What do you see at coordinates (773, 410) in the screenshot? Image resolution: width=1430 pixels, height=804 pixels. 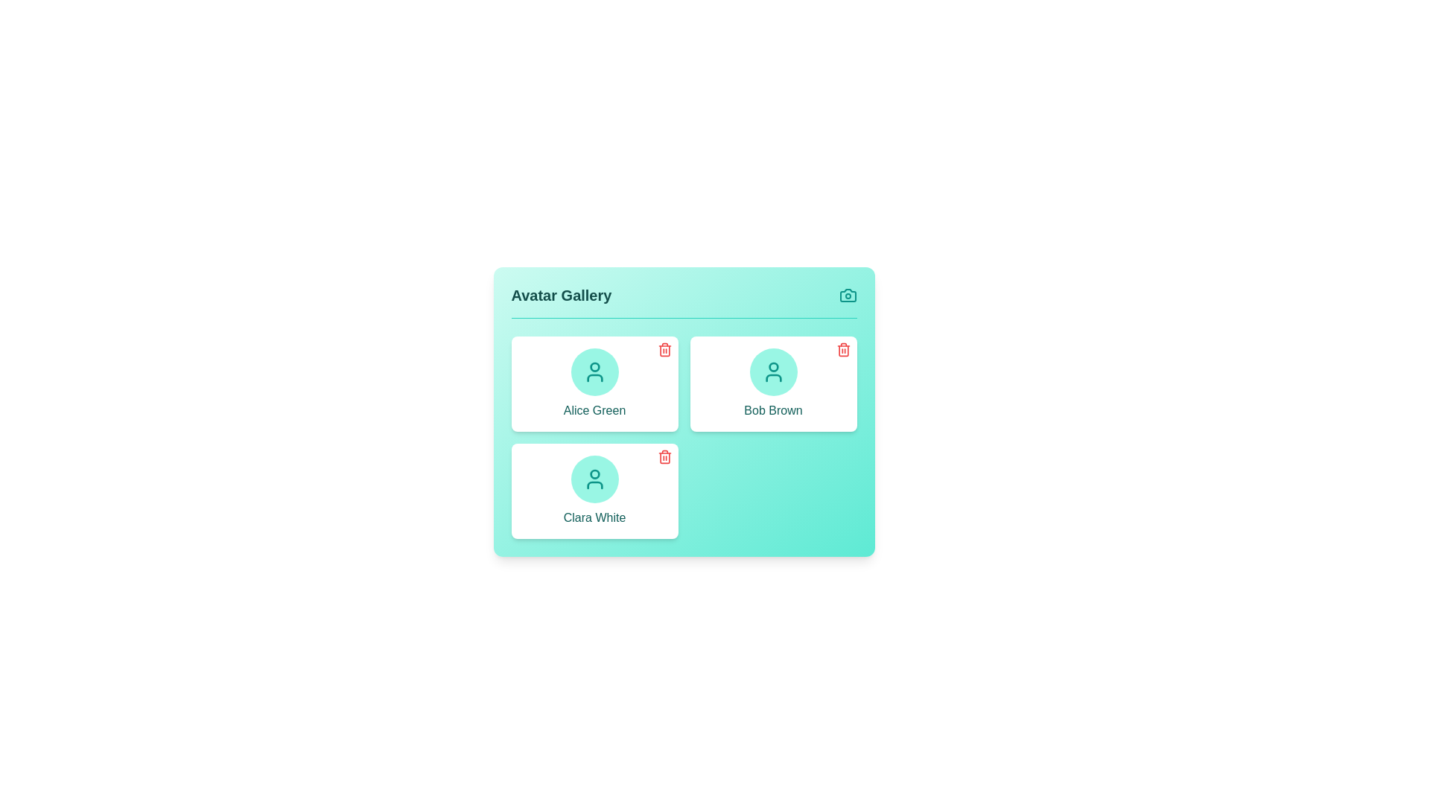 I see `text label element displaying 'Bob Brown', which serves as an identifier for the avatar in the Avatar Gallery interface` at bounding box center [773, 410].